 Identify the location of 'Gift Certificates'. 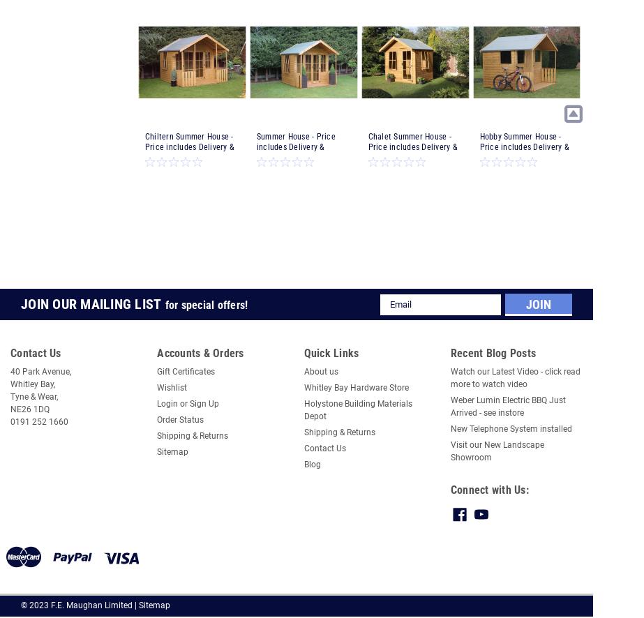
(186, 371).